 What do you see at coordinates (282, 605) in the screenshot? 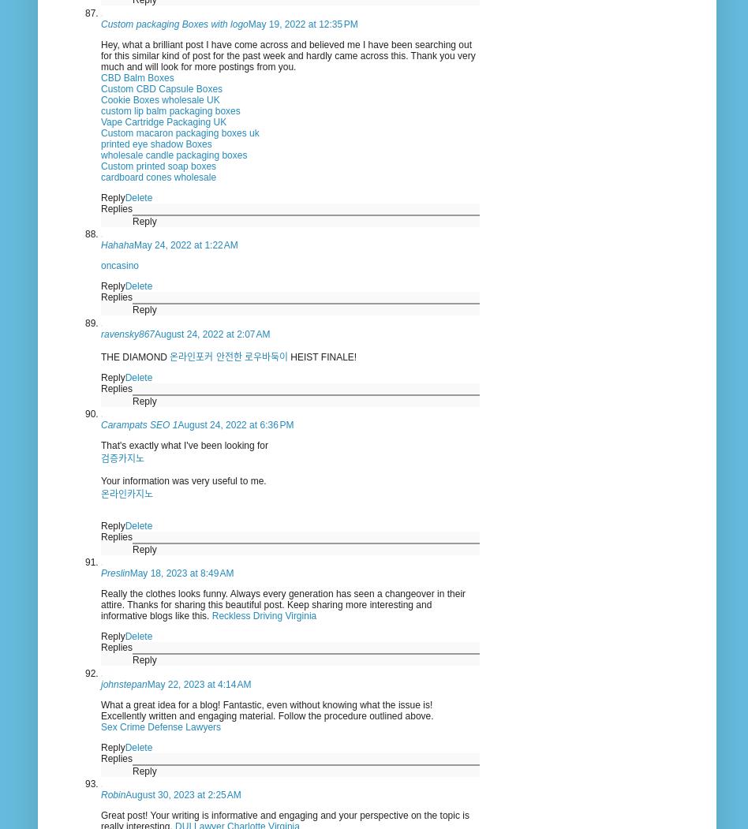
I see `'Really the clothes looks funny. Always every generation has seen a changeover in their attire. Thanks for sharing this beautiful post. Keep sharing more interesting and informative blogs like this.'` at bounding box center [282, 605].